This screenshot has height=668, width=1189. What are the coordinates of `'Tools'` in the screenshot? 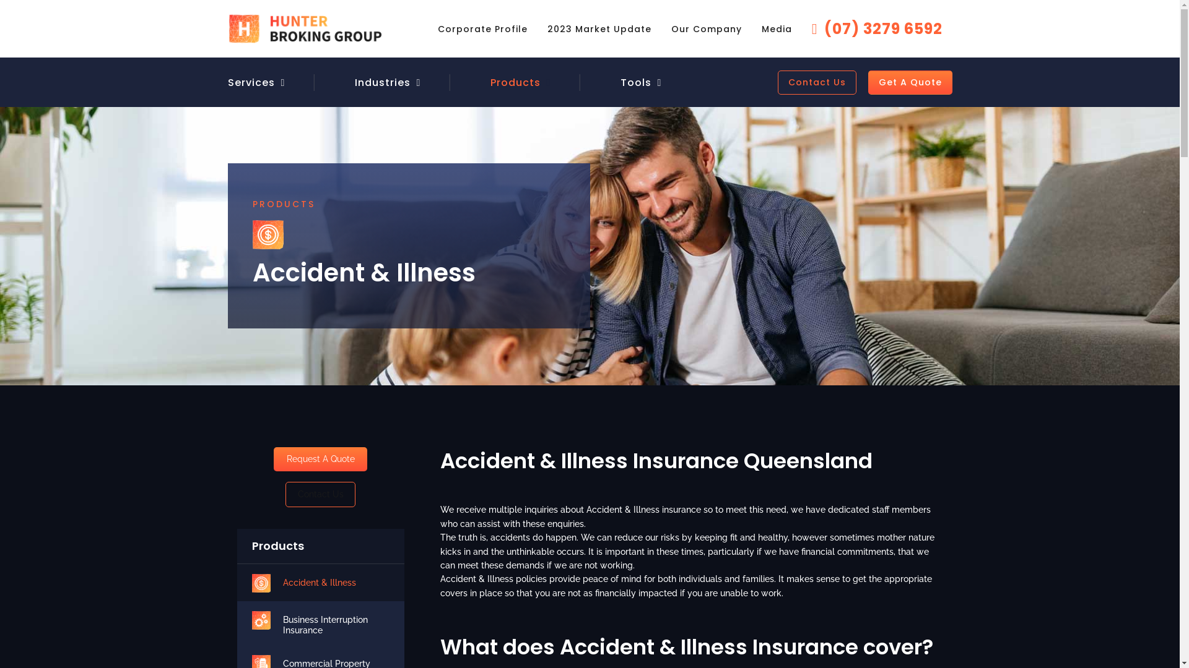 It's located at (636, 82).